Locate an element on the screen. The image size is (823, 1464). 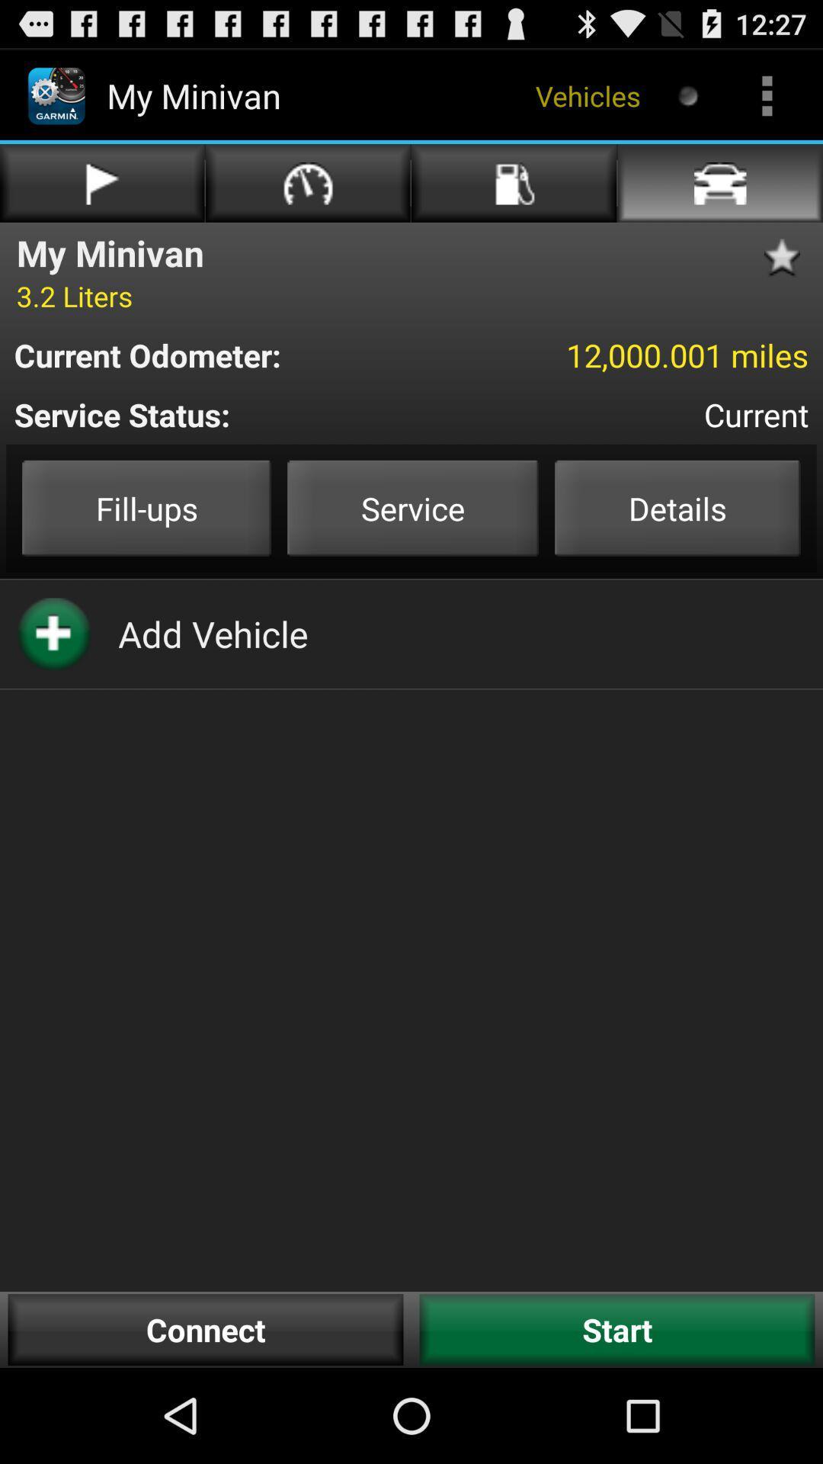
the app above the service status: app is located at coordinates (219, 354).